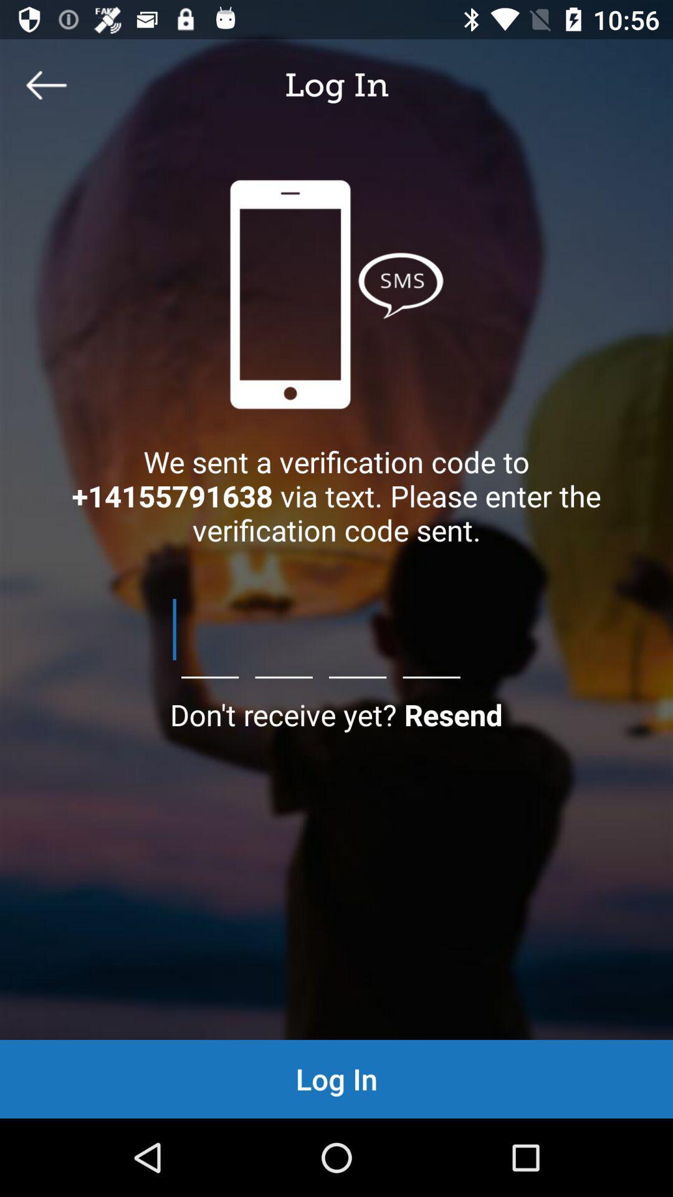  What do you see at coordinates (336, 629) in the screenshot?
I see `verification code` at bounding box center [336, 629].